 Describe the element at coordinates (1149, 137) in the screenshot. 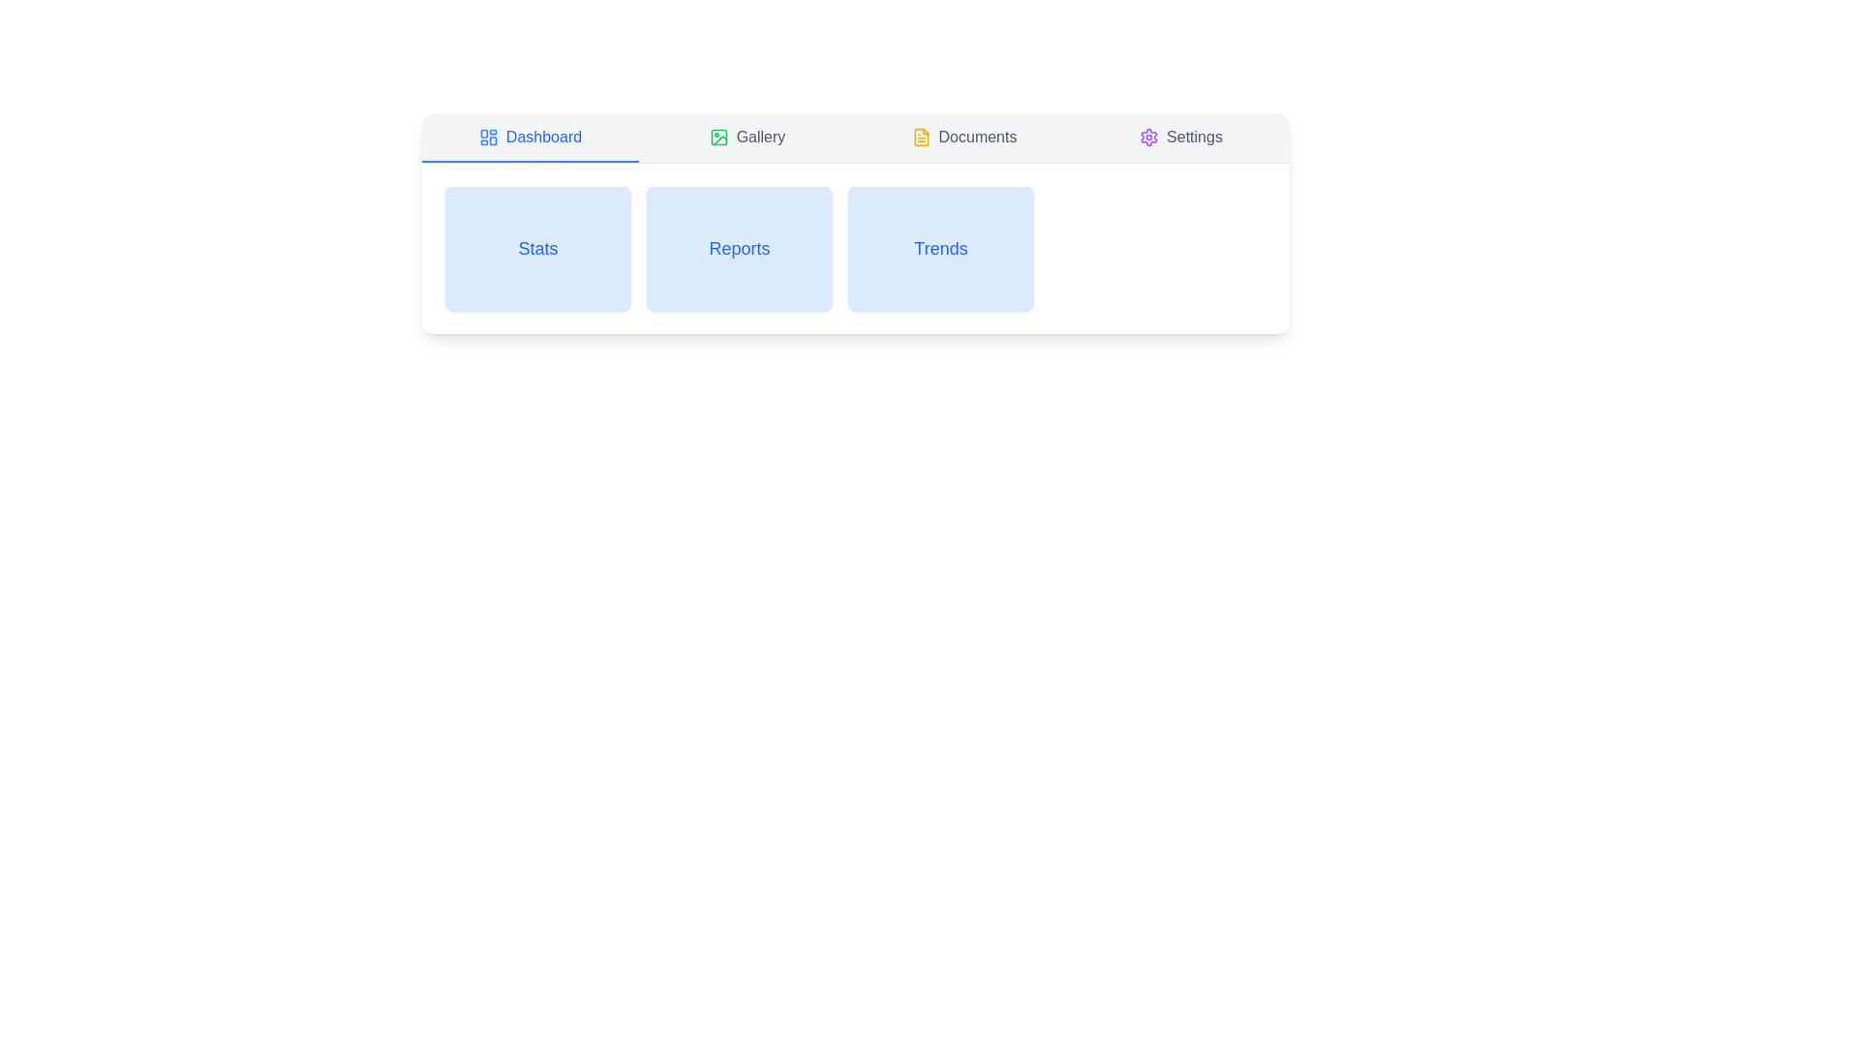

I see `the cogwheel icon button for navigation located` at that location.